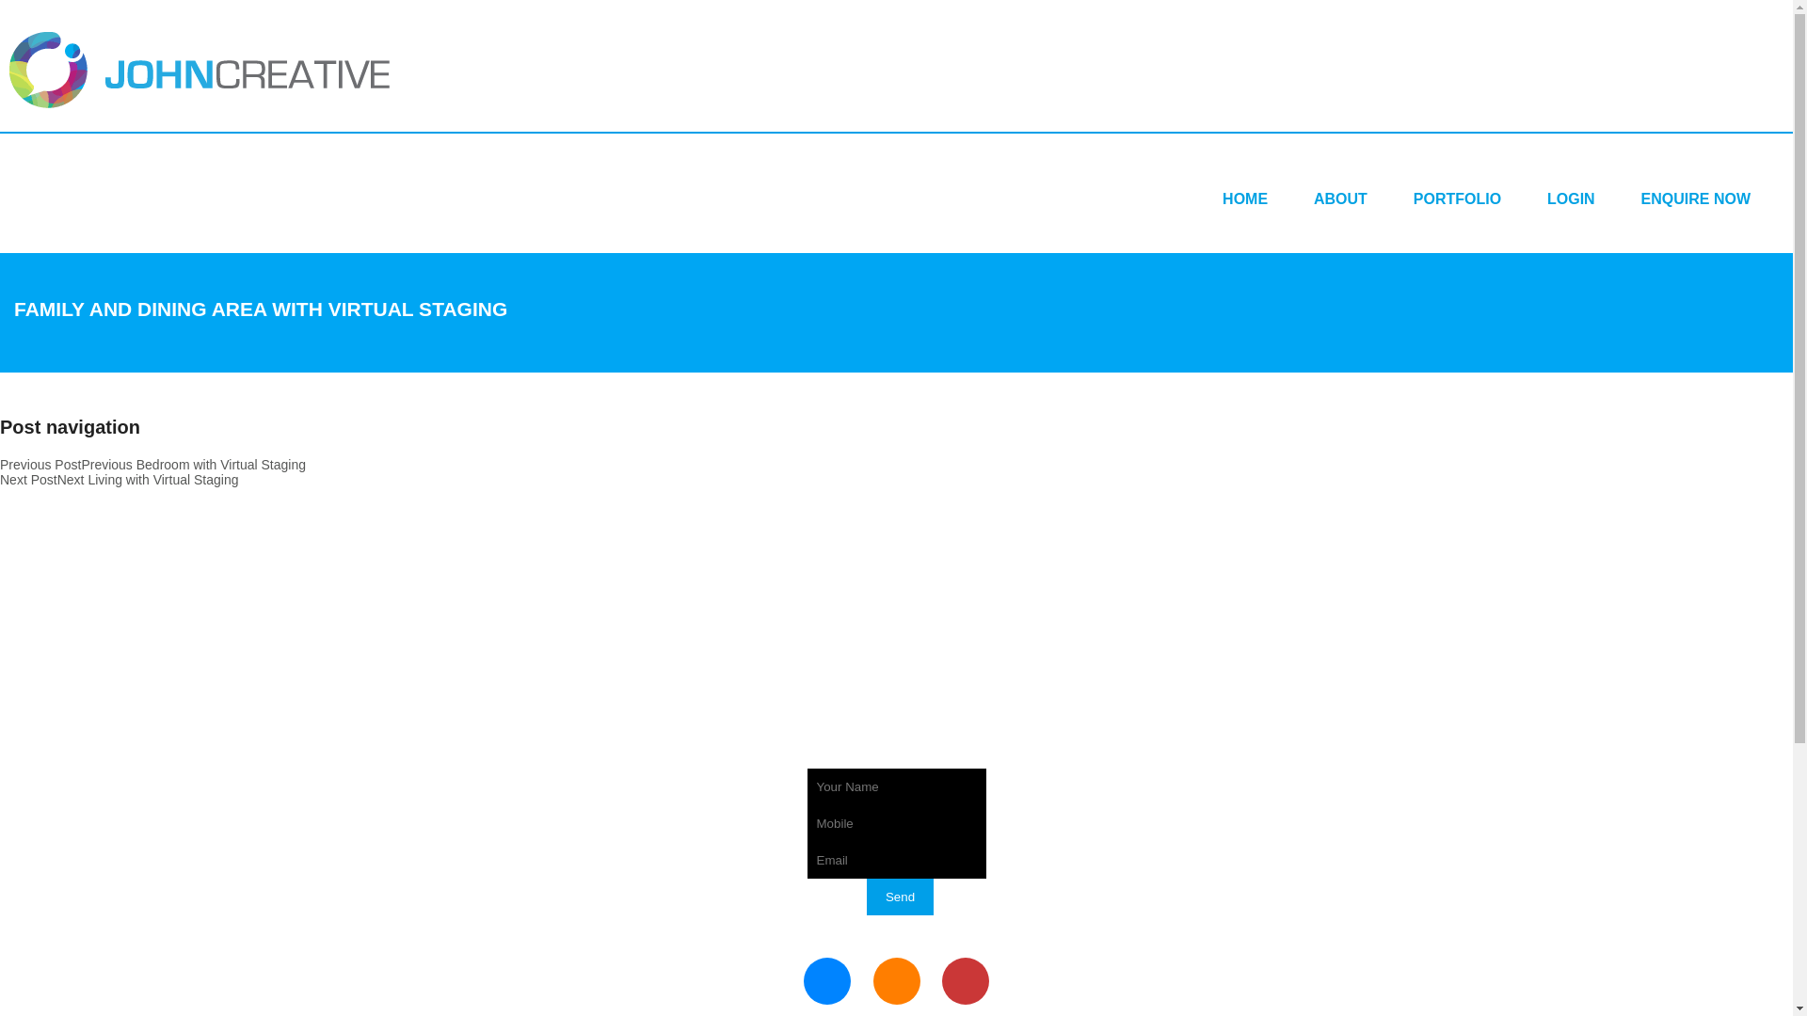 This screenshot has height=1016, width=1807. What do you see at coordinates (1571, 198) in the screenshot?
I see `'LOGIN'` at bounding box center [1571, 198].